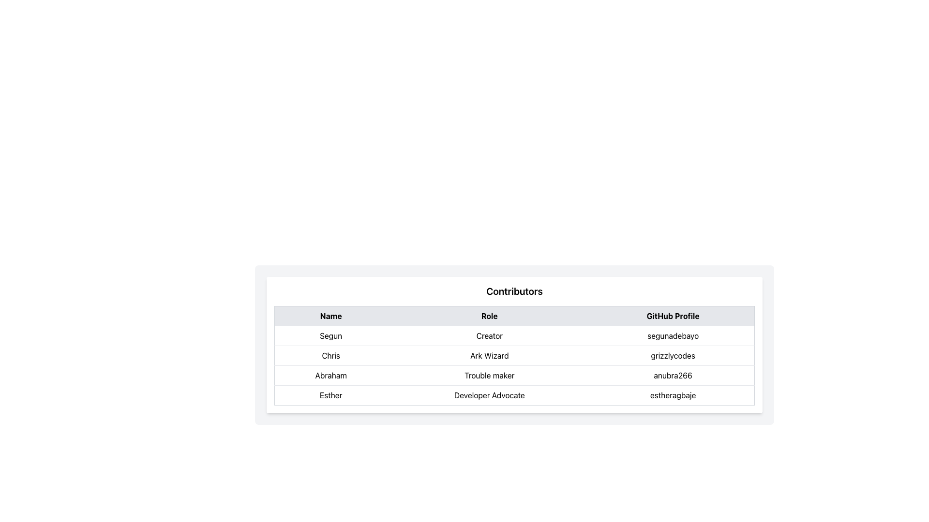 This screenshot has height=522, width=929. What do you see at coordinates (514, 290) in the screenshot?
I see `the Text Label that serves as a heading for the contributors section, located at the top of a card-like component with a white background` at bounding box center [514, 290].